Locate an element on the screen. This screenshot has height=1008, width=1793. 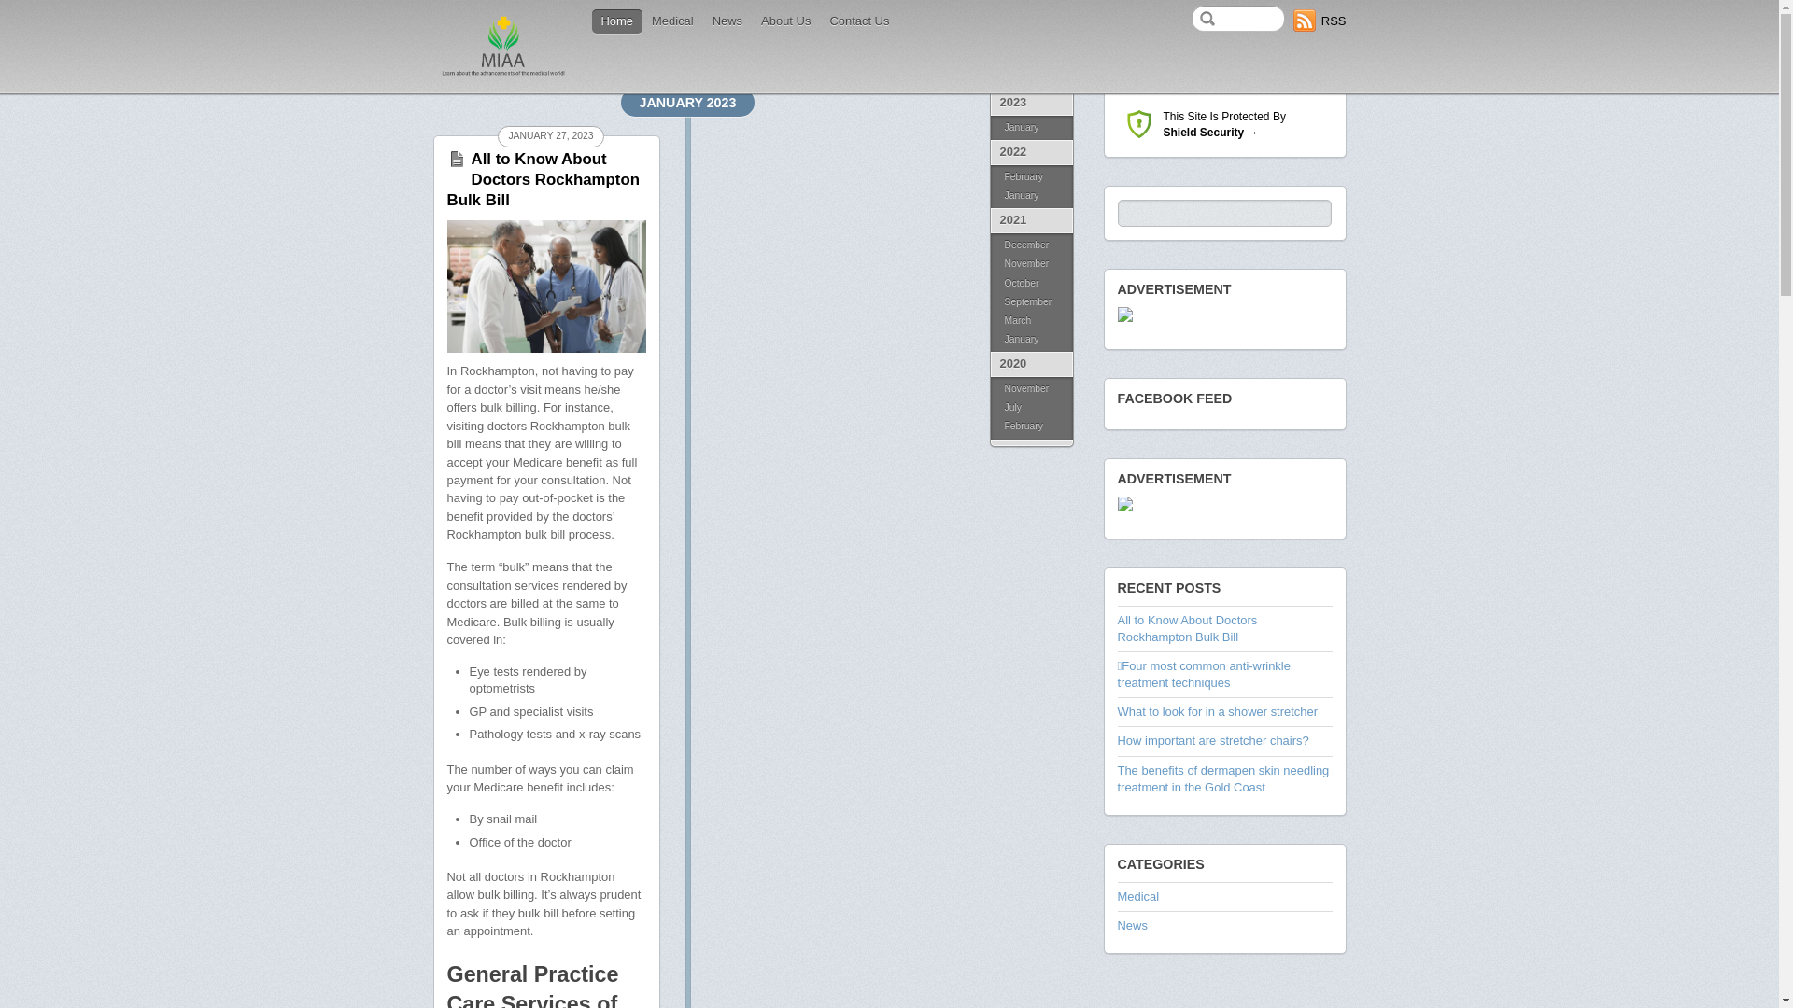
'2023' is located at coordinates (1030, 103).